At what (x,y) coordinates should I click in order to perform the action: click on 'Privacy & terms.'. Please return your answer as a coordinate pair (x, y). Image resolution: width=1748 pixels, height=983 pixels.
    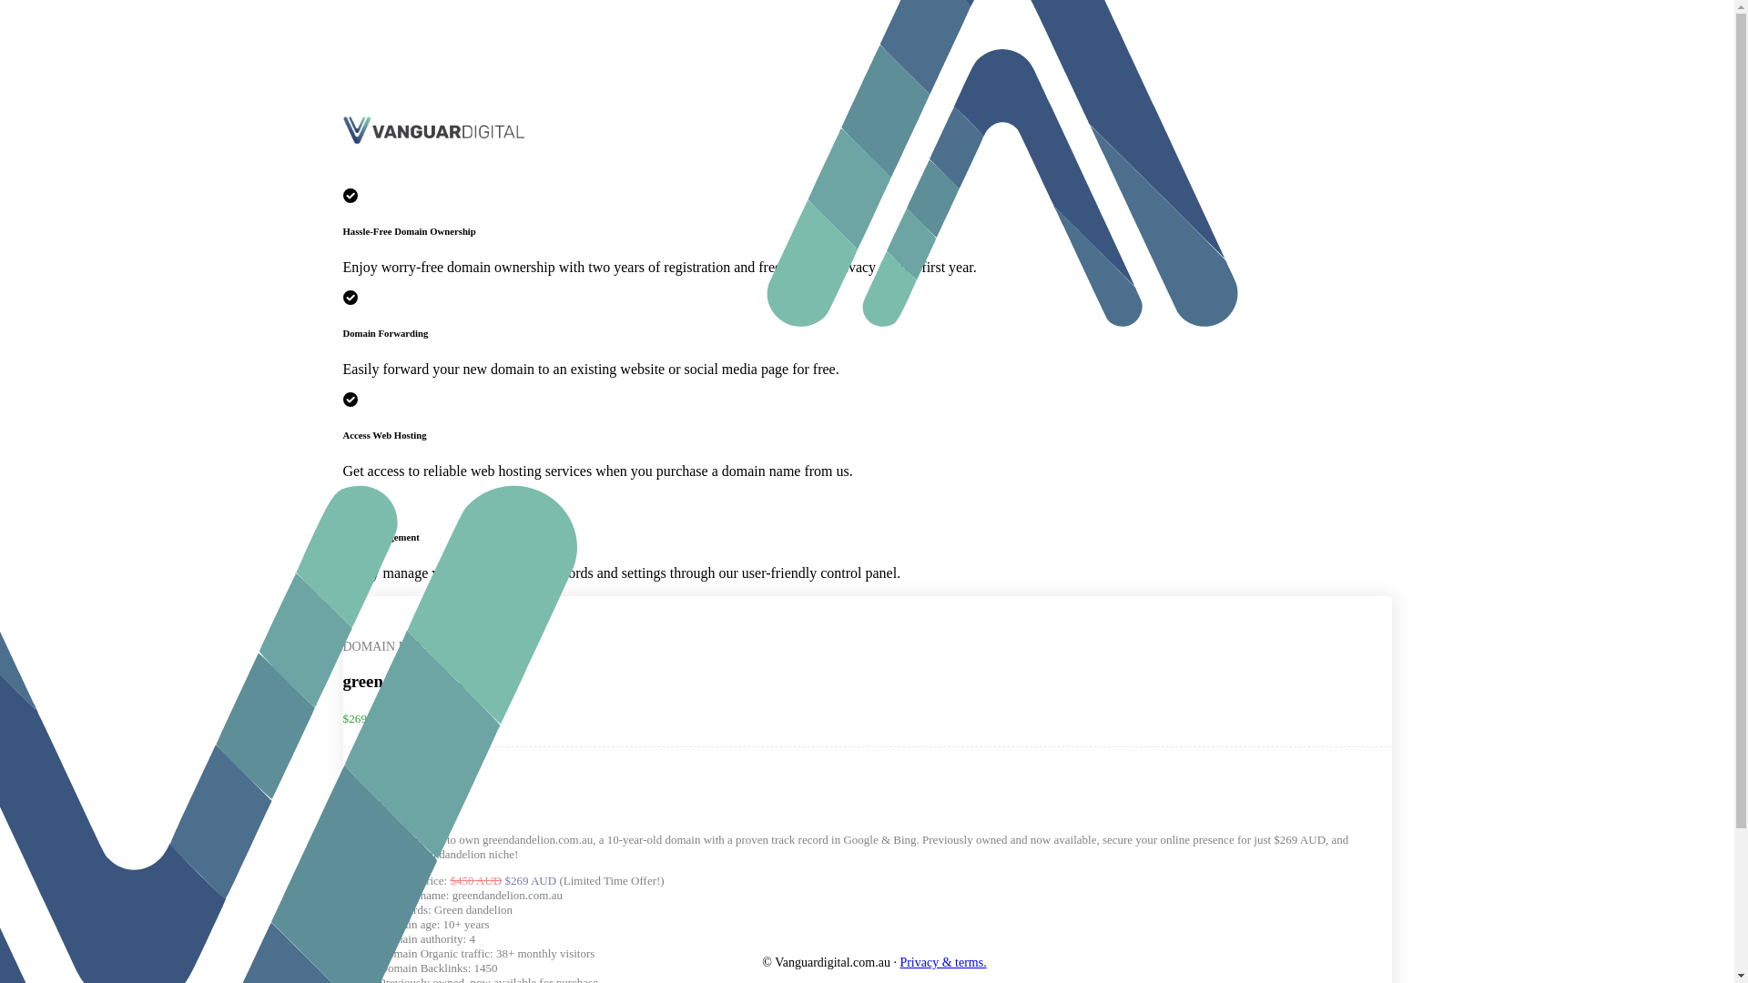
    Looking at the image, I should click on (942, 961).